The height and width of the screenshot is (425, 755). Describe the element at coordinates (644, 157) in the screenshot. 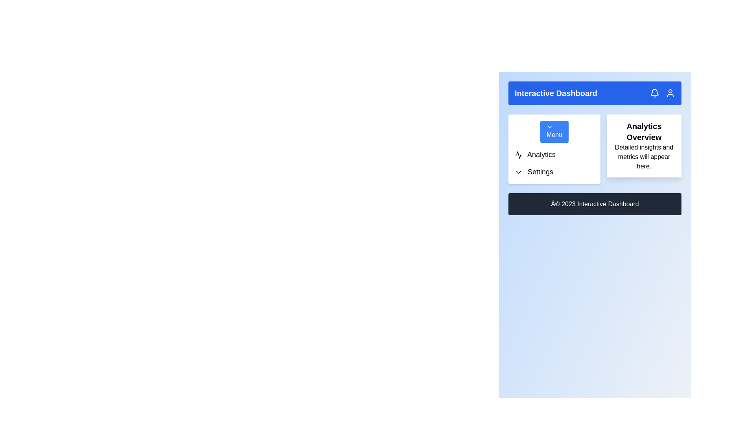

I see `the text label containing the message 'Detailed insights and metrics will appear here.' which is styled in black text on a white background, located in the right side of the main dashboard area below the header text 'Analytics Overview'` at that location.